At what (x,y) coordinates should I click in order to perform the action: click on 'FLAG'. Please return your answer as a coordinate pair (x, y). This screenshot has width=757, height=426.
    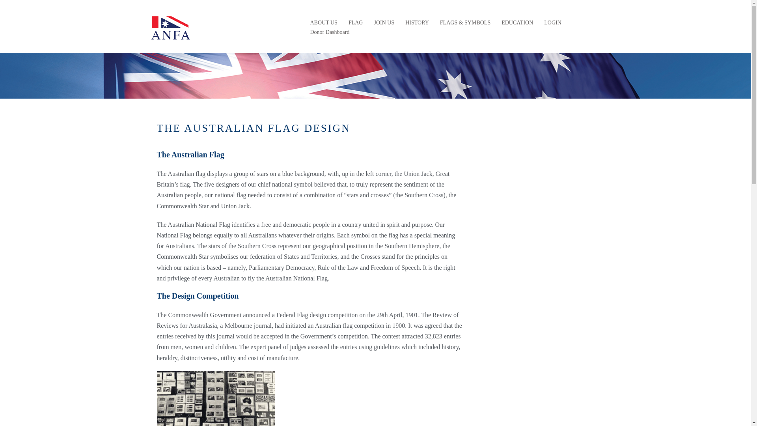
    Looking at the image, I should click on (355, 22).